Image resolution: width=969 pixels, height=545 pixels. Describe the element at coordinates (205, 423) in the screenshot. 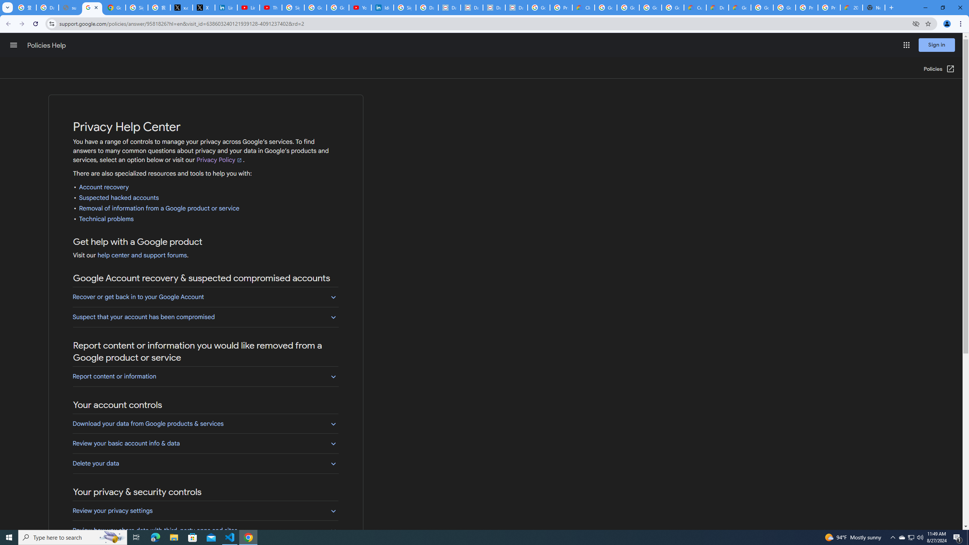

I see `'Download your data from Google products & services'` at that location.